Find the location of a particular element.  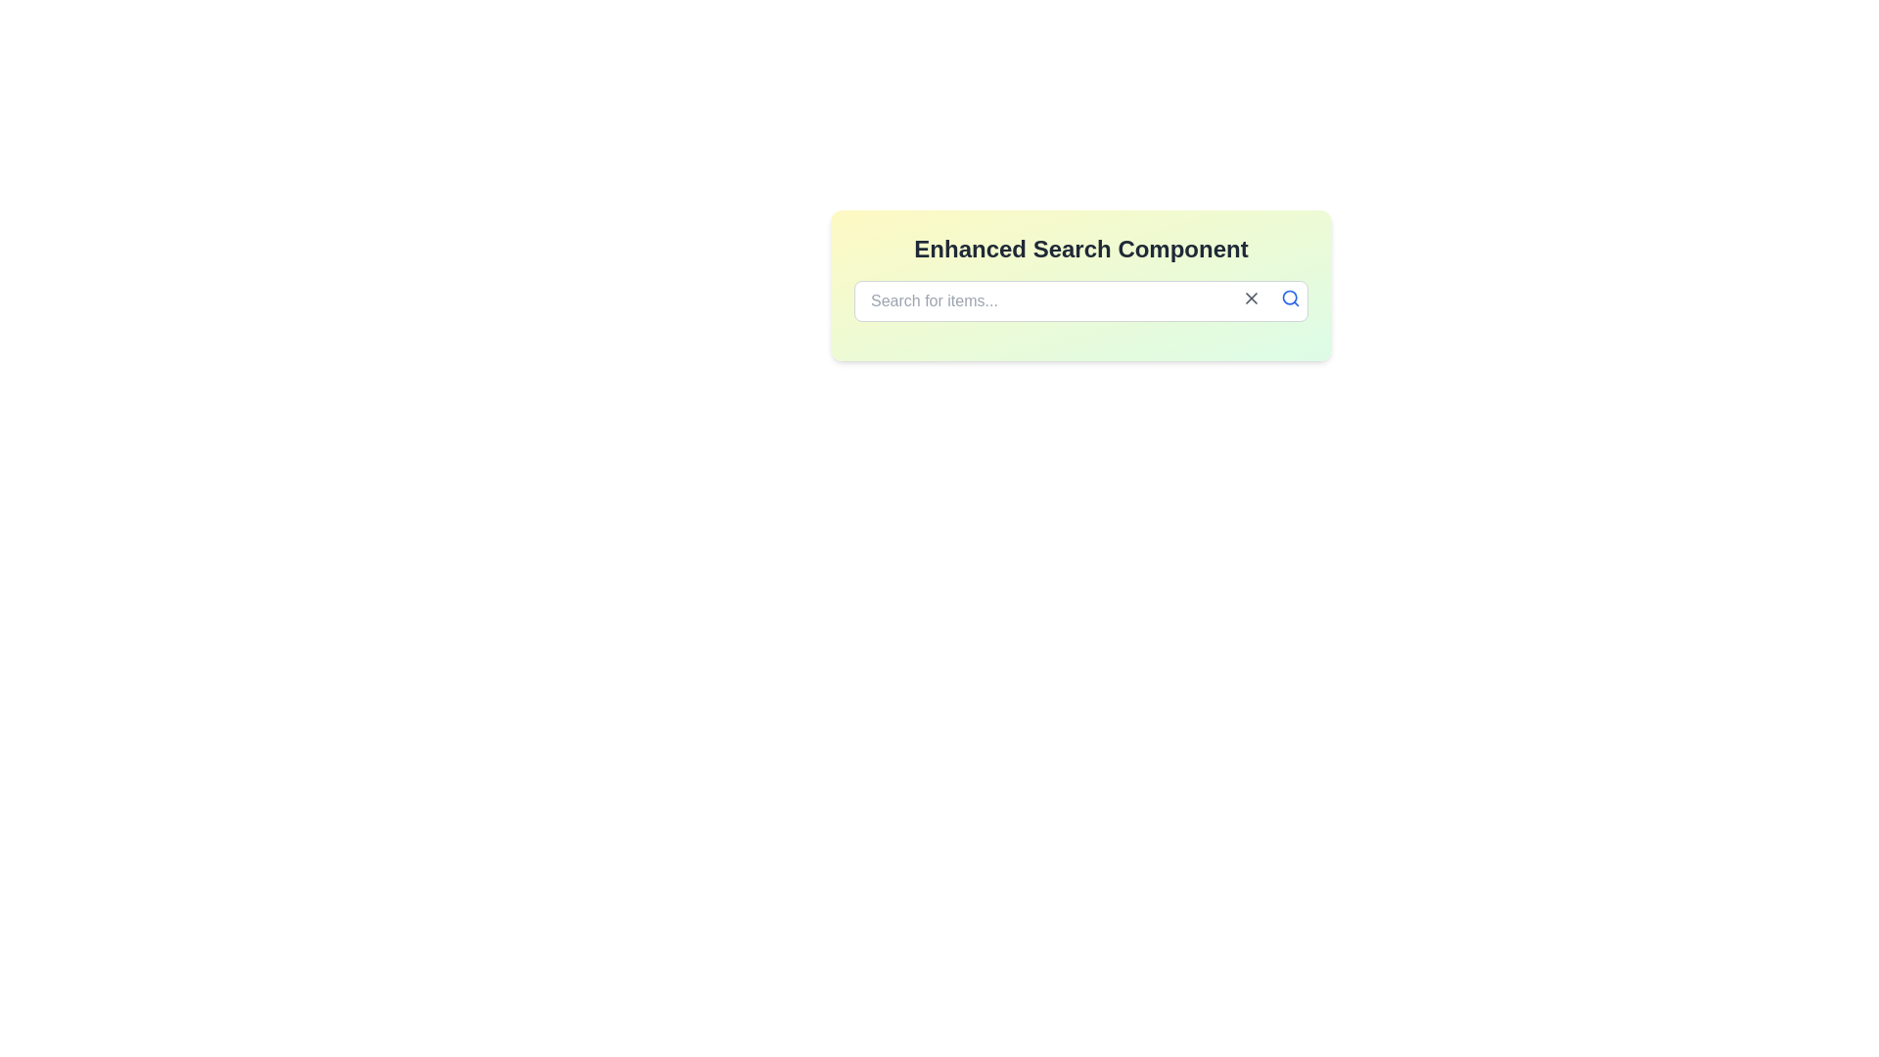

to select any text in the horizontal text input field styled with rounded corners and bordered by a light gray line, which has the placeholder text 'Search for items...' is located at coordinates (1079, 301).